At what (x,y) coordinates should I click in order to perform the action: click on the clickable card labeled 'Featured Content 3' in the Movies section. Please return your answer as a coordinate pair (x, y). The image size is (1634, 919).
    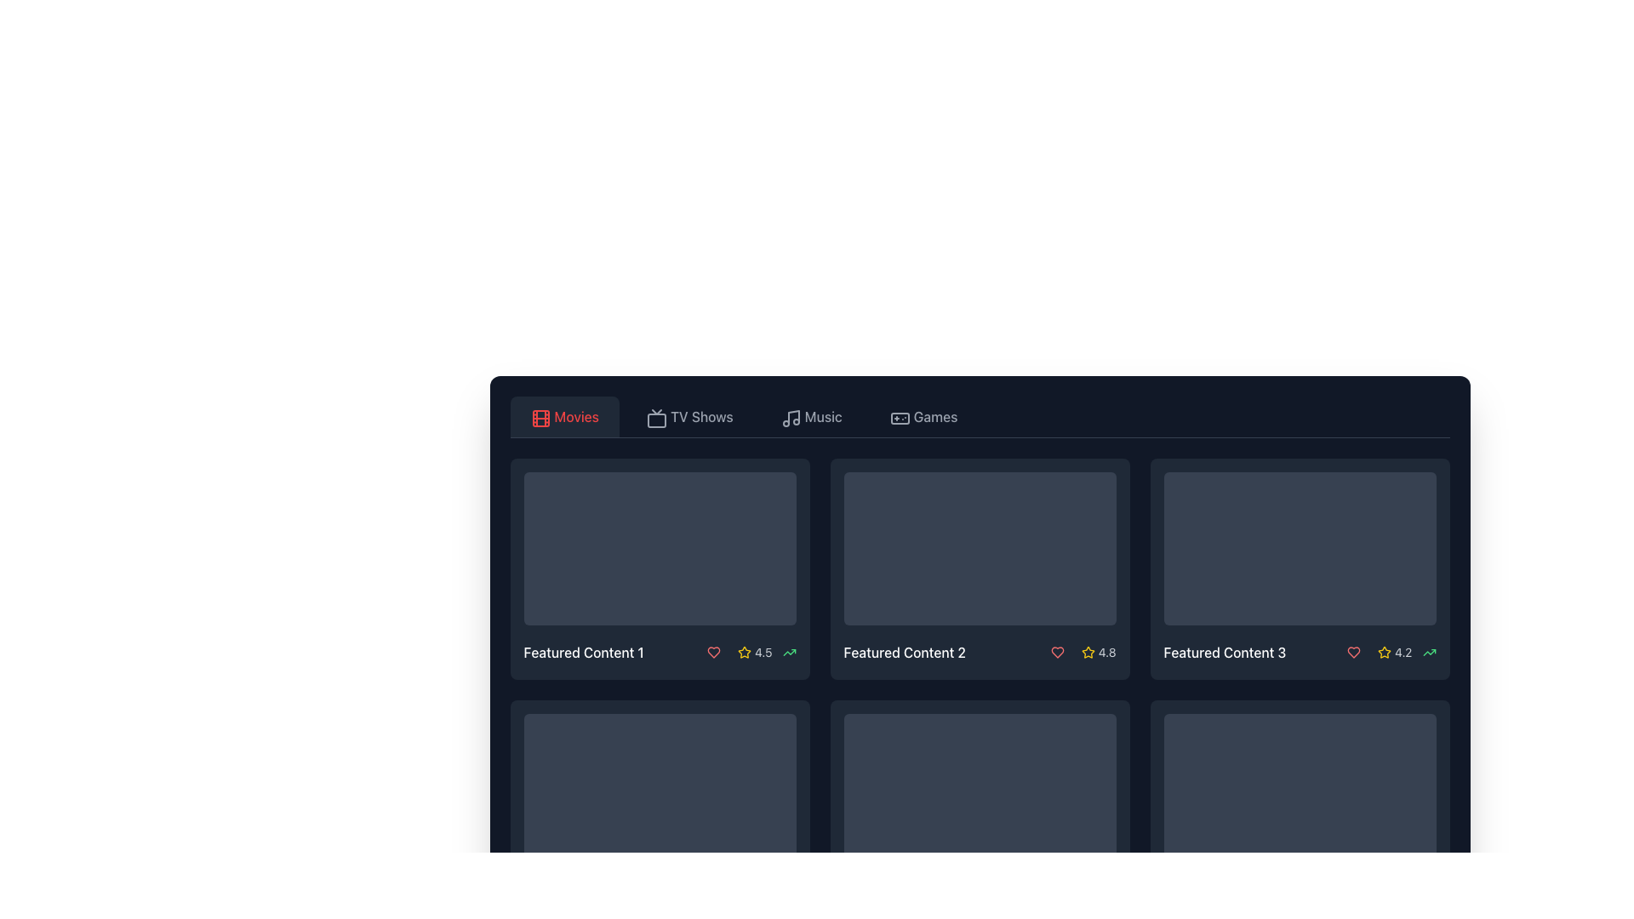
    Looking at the image, I should click on (1299, 568).